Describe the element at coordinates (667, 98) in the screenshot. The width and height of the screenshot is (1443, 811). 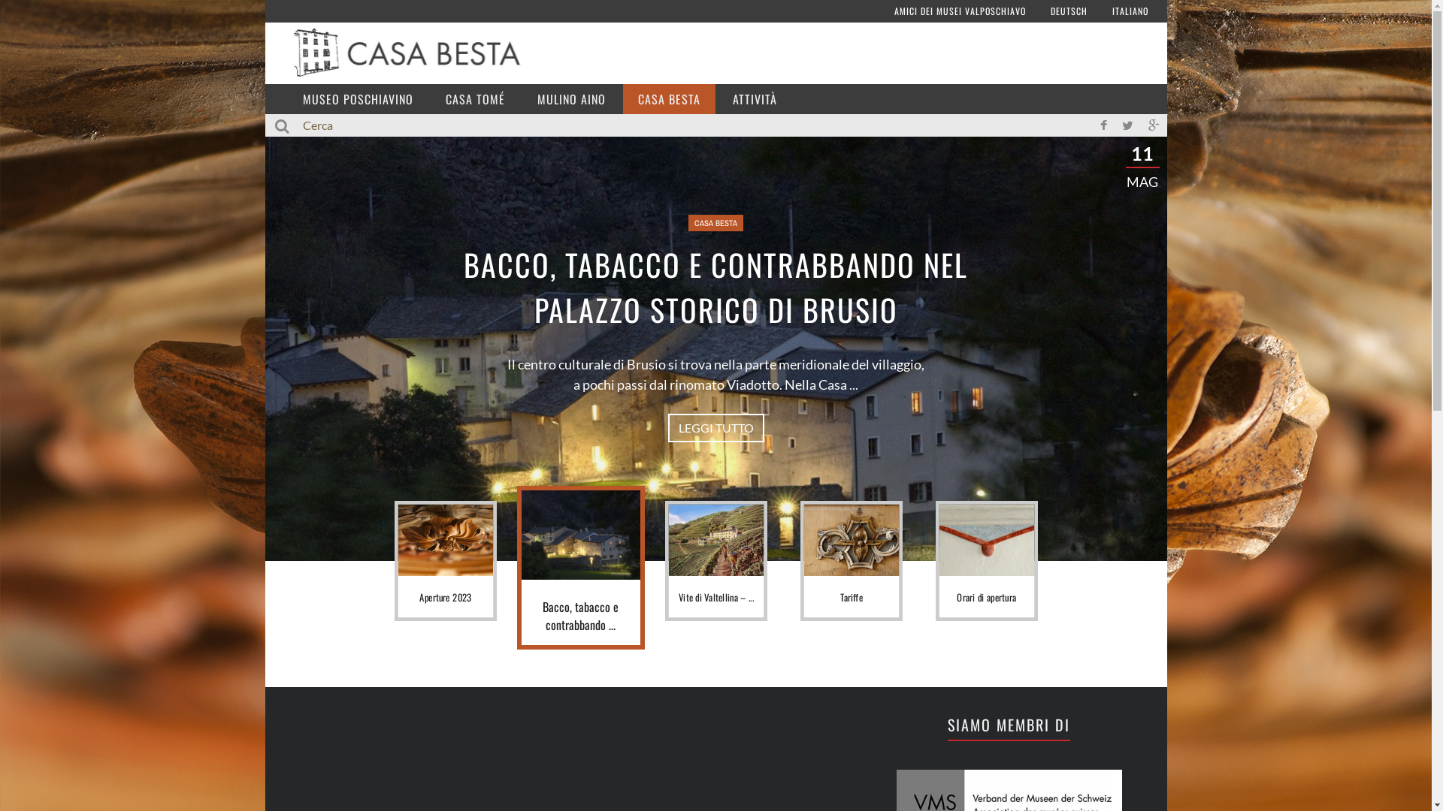
I see `'CASA BESTA'` at that location.